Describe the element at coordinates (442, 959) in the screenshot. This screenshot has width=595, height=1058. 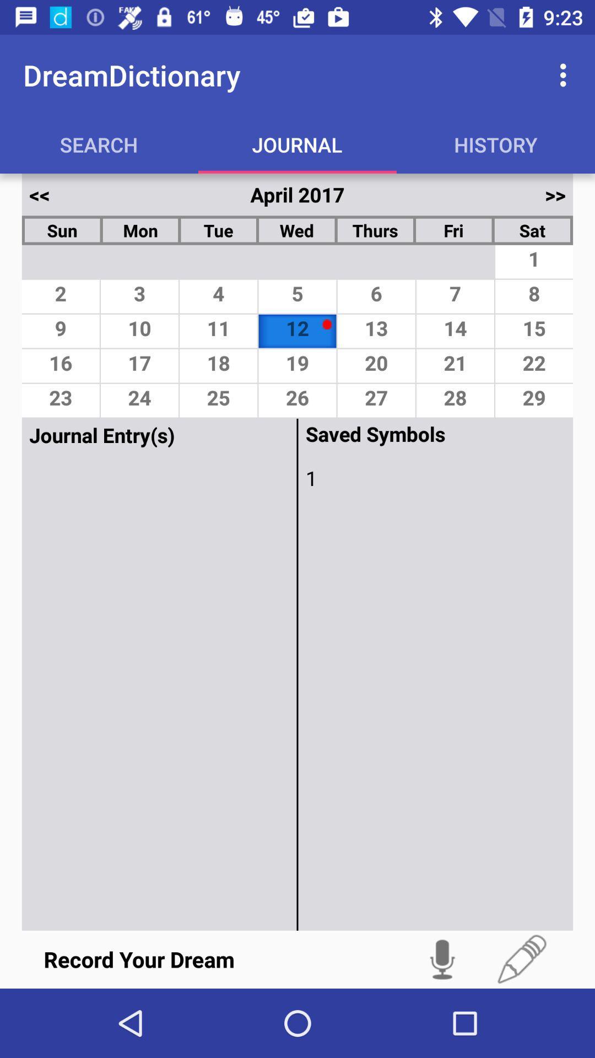
I see `the microphone icon` at that location.